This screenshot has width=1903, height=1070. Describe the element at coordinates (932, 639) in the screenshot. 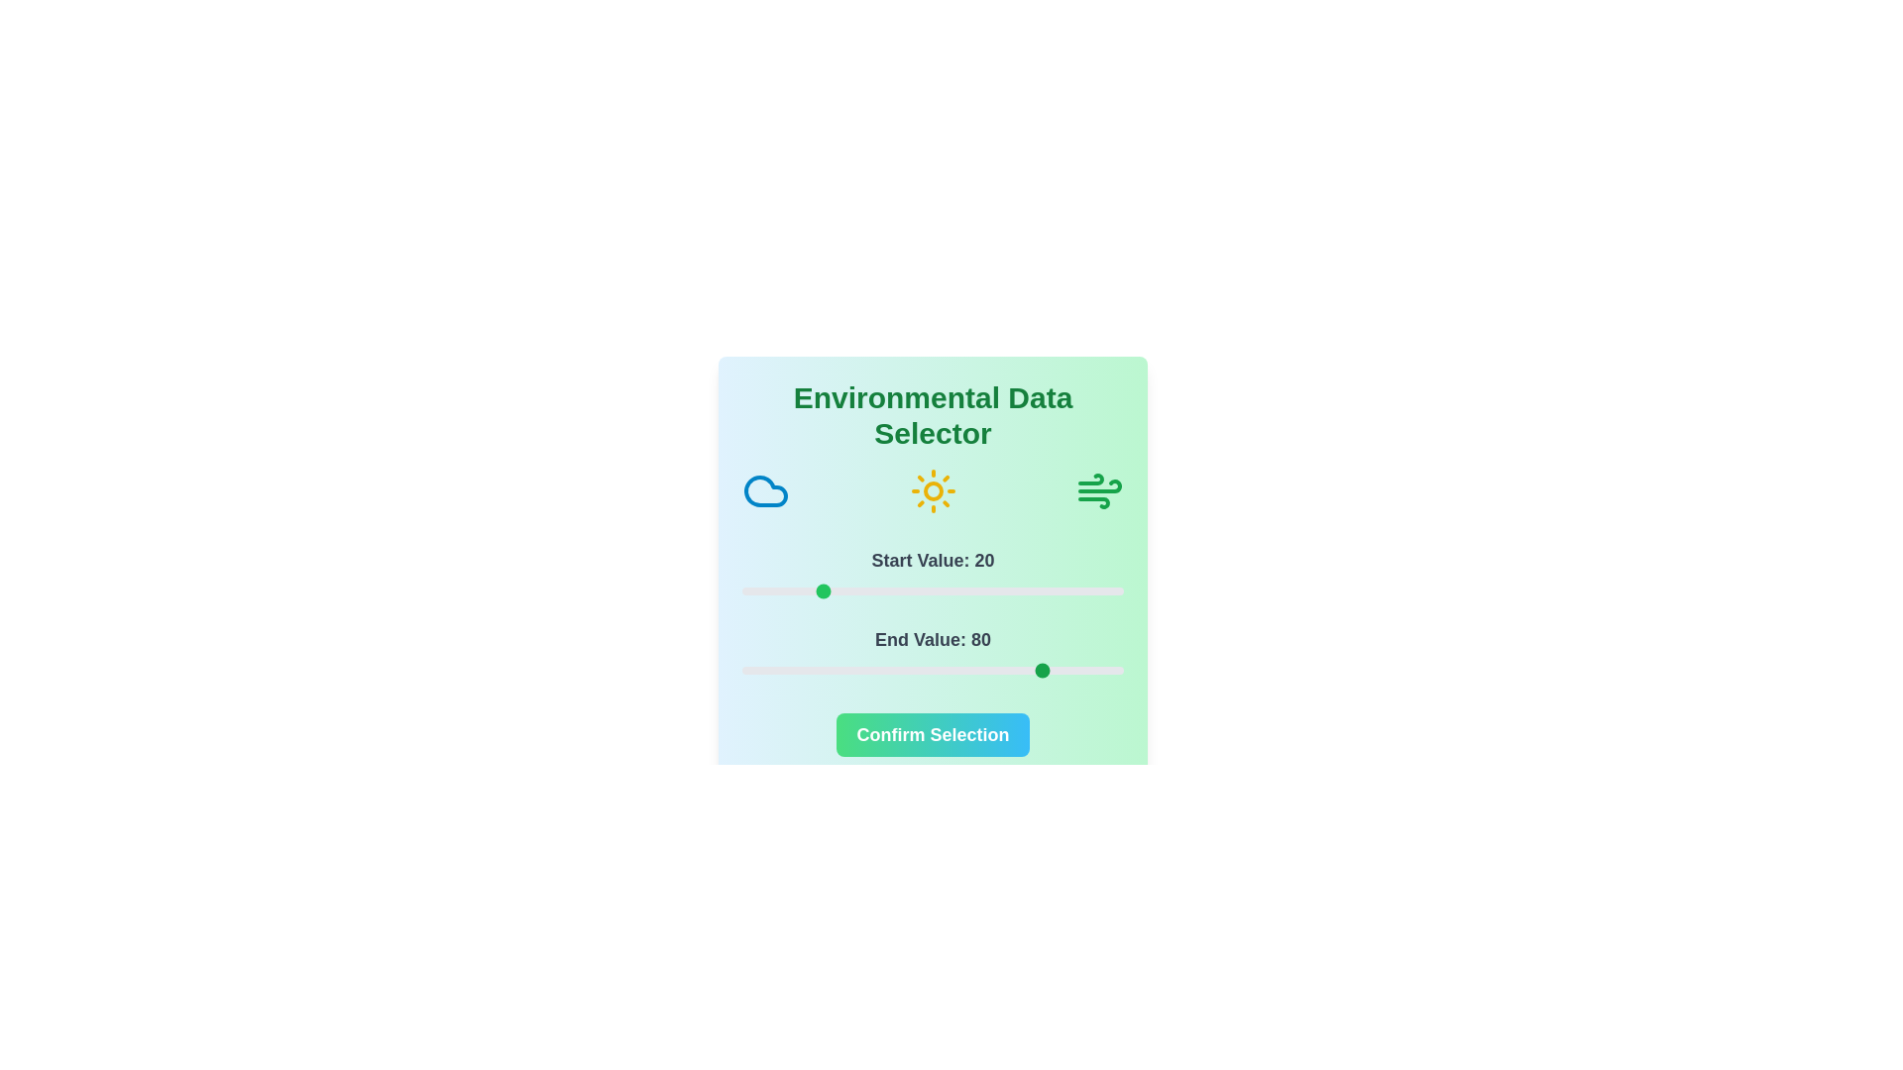

I see `the text label displaying 'End Value: 80', which is bold and large, with a grayish hue, located below 'Start Value: 20' and above a horizontal slider` at that location.